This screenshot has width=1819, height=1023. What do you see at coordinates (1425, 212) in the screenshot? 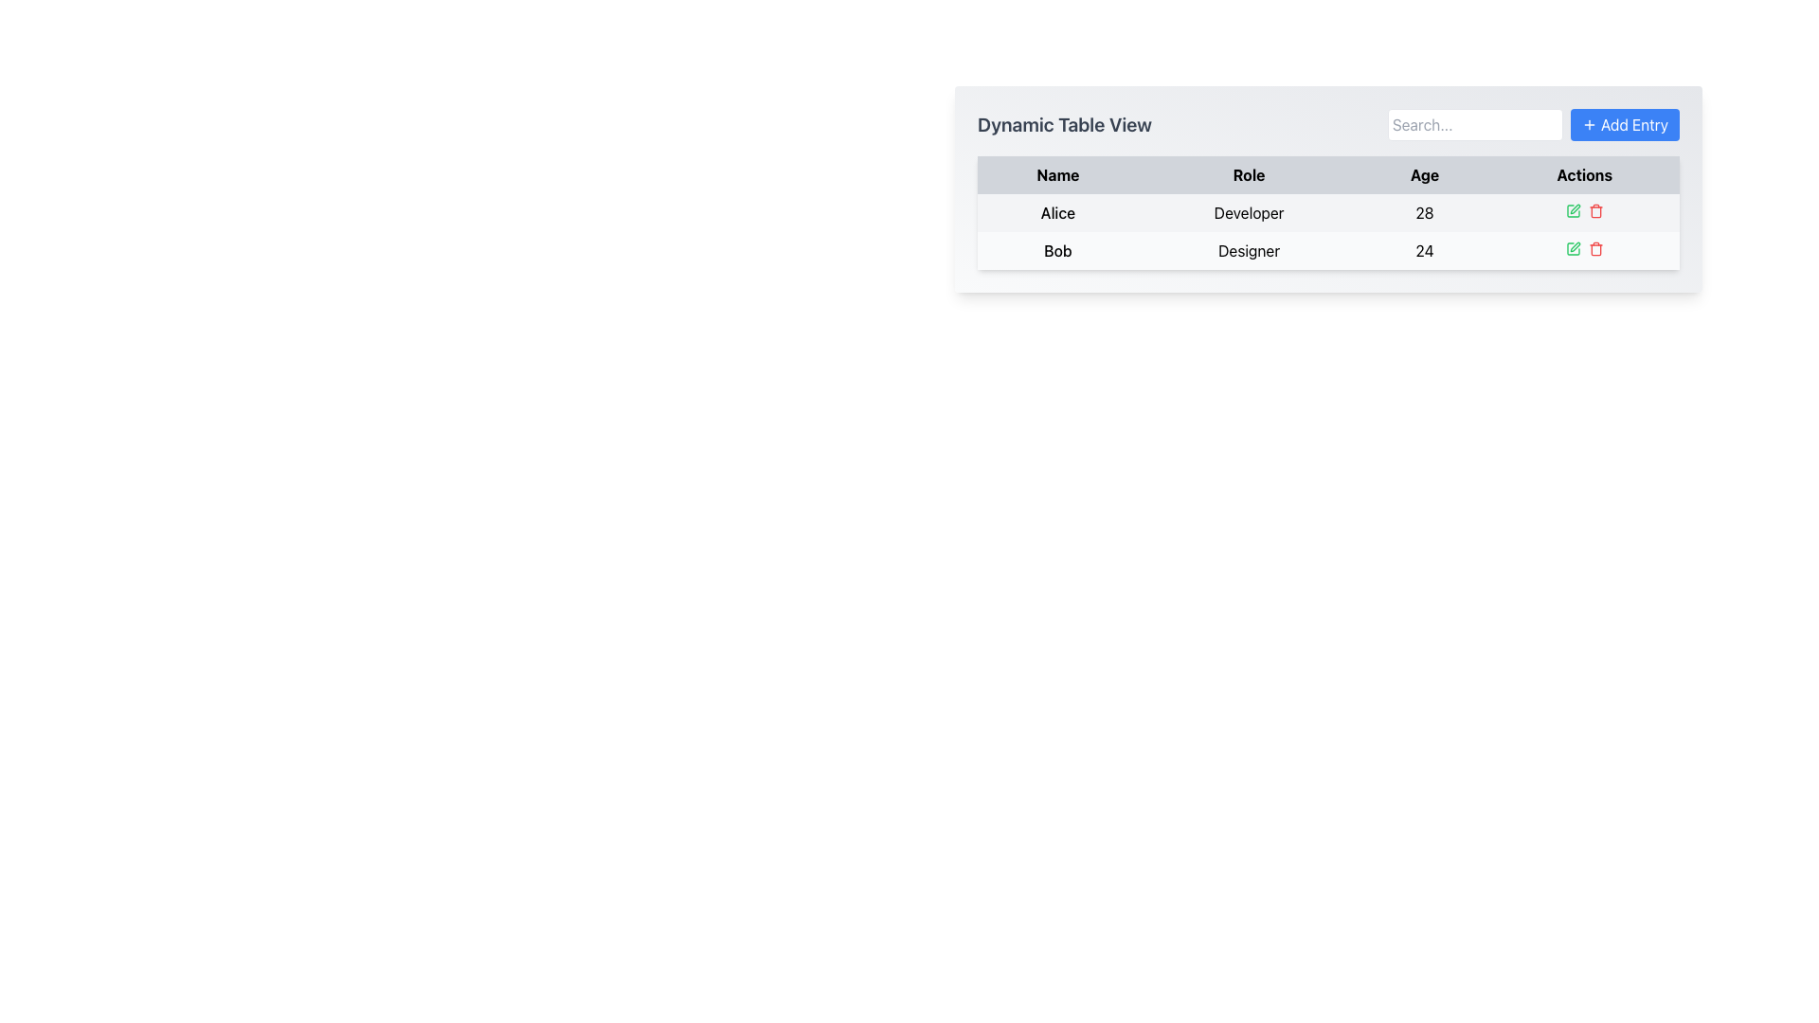
I see `the non-interactive text field representing Alice's age in the third column of her row in the table, located between the 'Developer' cell and the action cells` at bounding box center [1425, 212].